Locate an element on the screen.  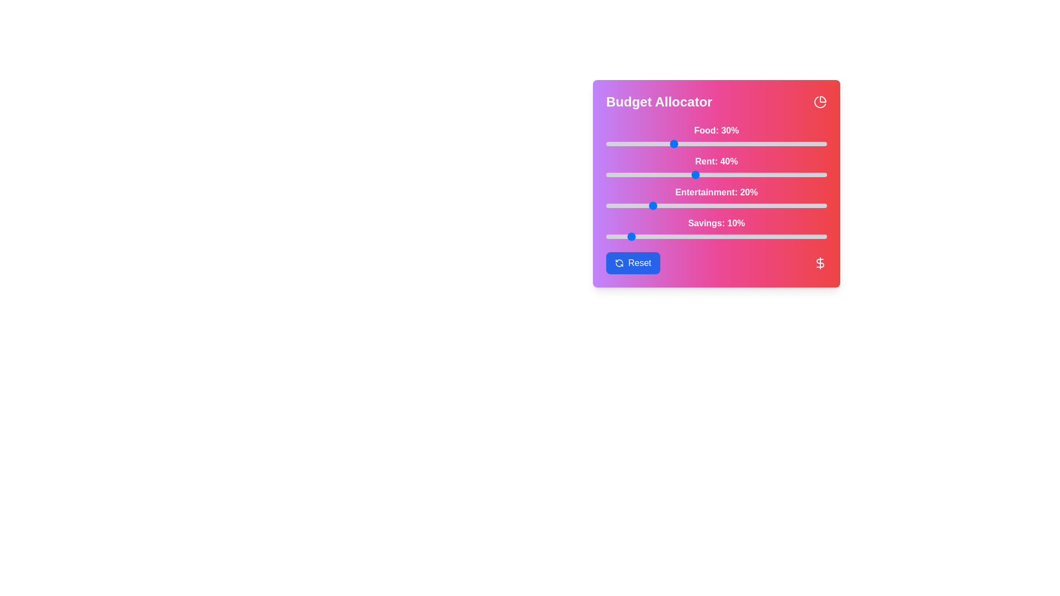
the entertainment budget is located at coordinates (786, 206).